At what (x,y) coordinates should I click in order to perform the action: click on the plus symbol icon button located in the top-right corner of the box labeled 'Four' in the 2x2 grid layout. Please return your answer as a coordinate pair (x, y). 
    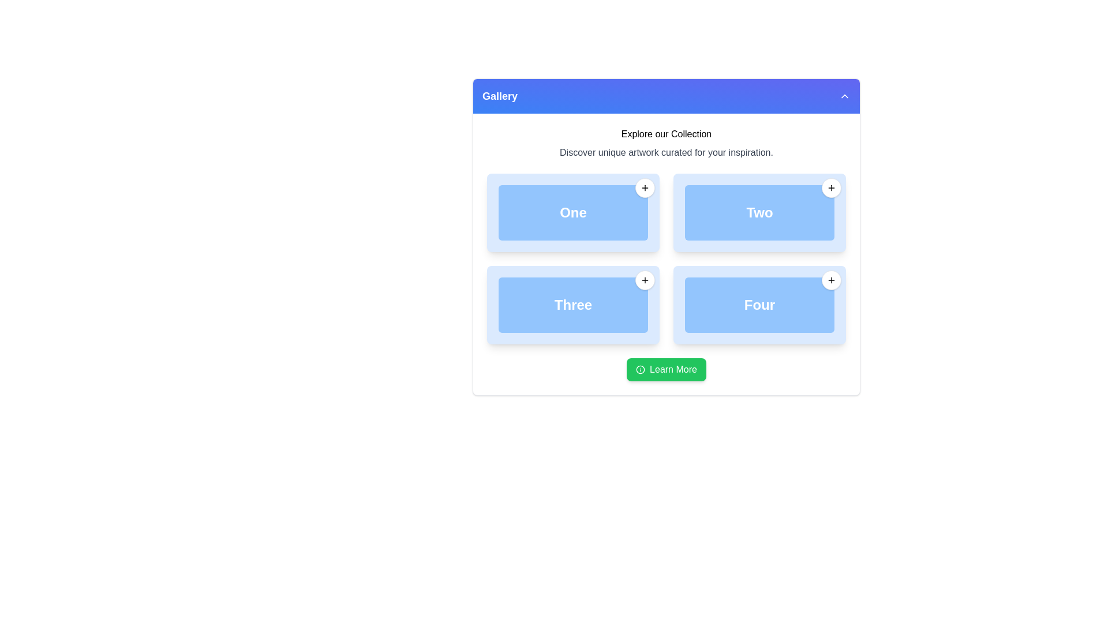
    Looking at the image, I should click on (831, 280).